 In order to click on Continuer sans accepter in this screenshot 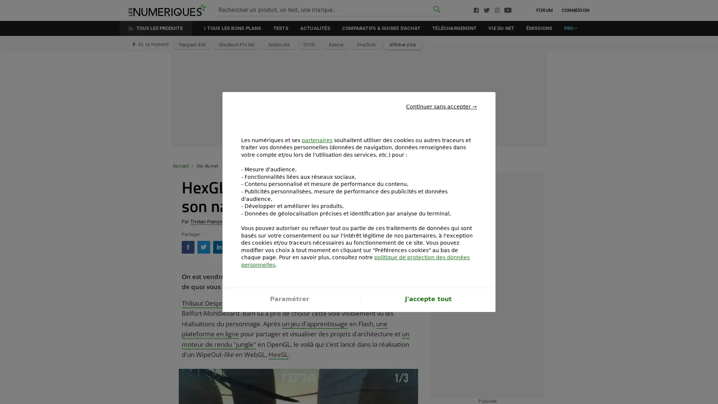, I will do `click(441, 100)`.